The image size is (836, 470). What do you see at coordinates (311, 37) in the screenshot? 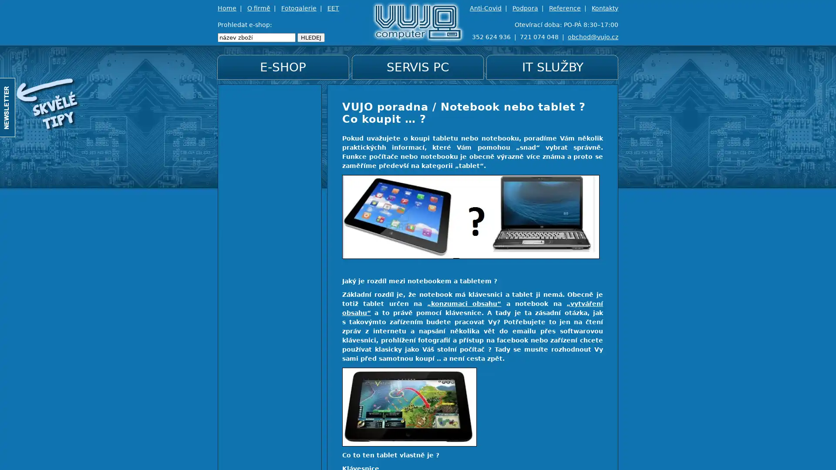
I see `HLEDEJ` at bounding box center [311, 37].